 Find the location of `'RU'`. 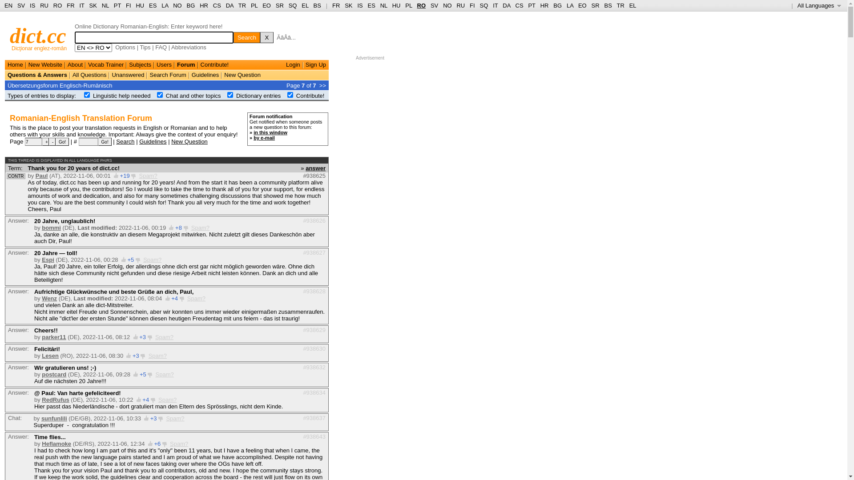

'RU' is located at coordinates (460, 5).